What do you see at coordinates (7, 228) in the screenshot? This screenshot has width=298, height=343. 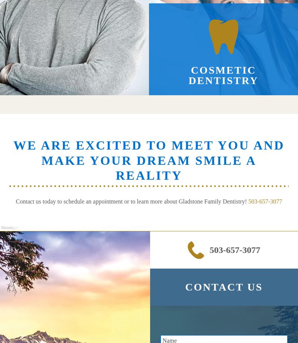 I see `'Phone:'` at bounding box center [7, 228].